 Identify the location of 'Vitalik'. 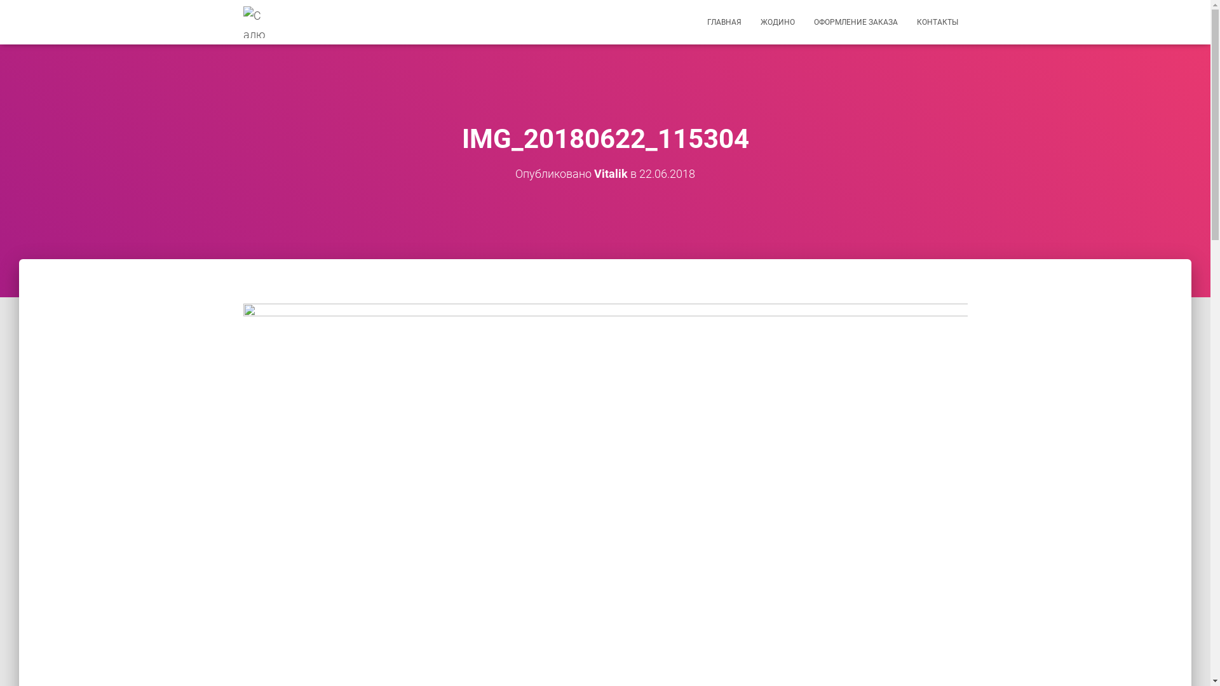
(593, 173).